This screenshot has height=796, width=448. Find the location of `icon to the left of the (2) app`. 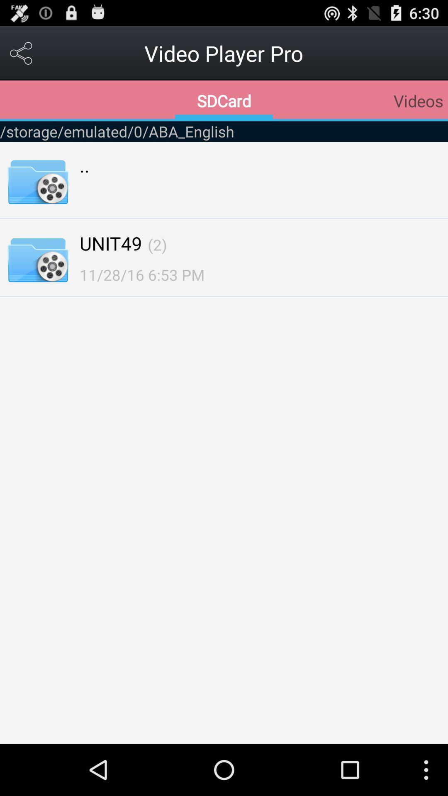

icon to the left of the (2) app is located at coordinates (110, 243).